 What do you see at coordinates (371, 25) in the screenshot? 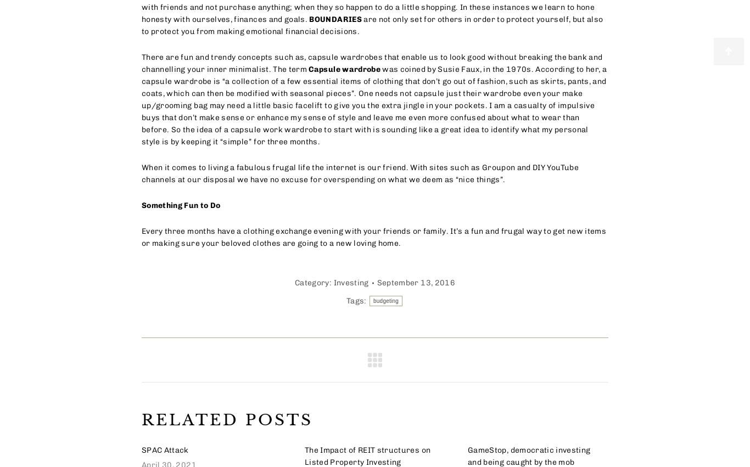
I see `'are not only set for others in order to protect yourself, but also to protect you from making emotional financial decisions.'` at bounding box center [371, 25].